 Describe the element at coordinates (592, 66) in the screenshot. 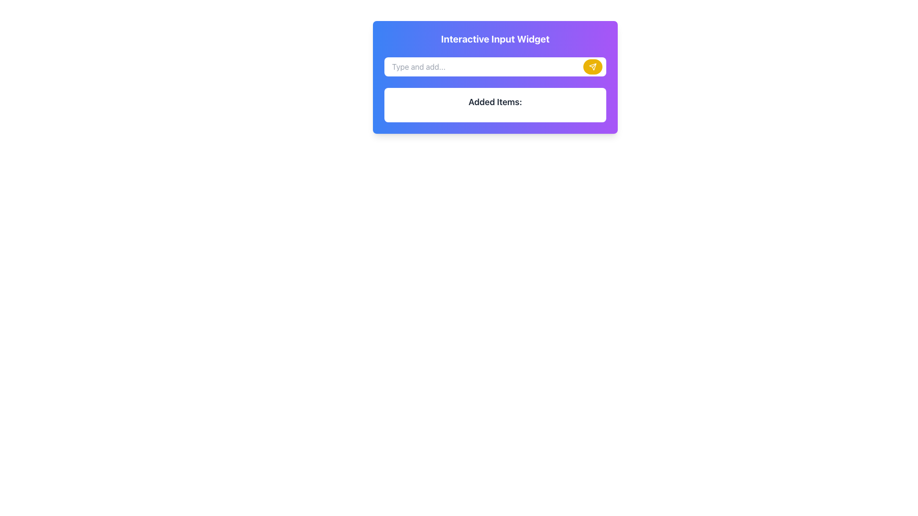

I see `the send/submit button located at the right end of the input field within the 'Interactive Input Widget' to observe its hover effects` at that location.